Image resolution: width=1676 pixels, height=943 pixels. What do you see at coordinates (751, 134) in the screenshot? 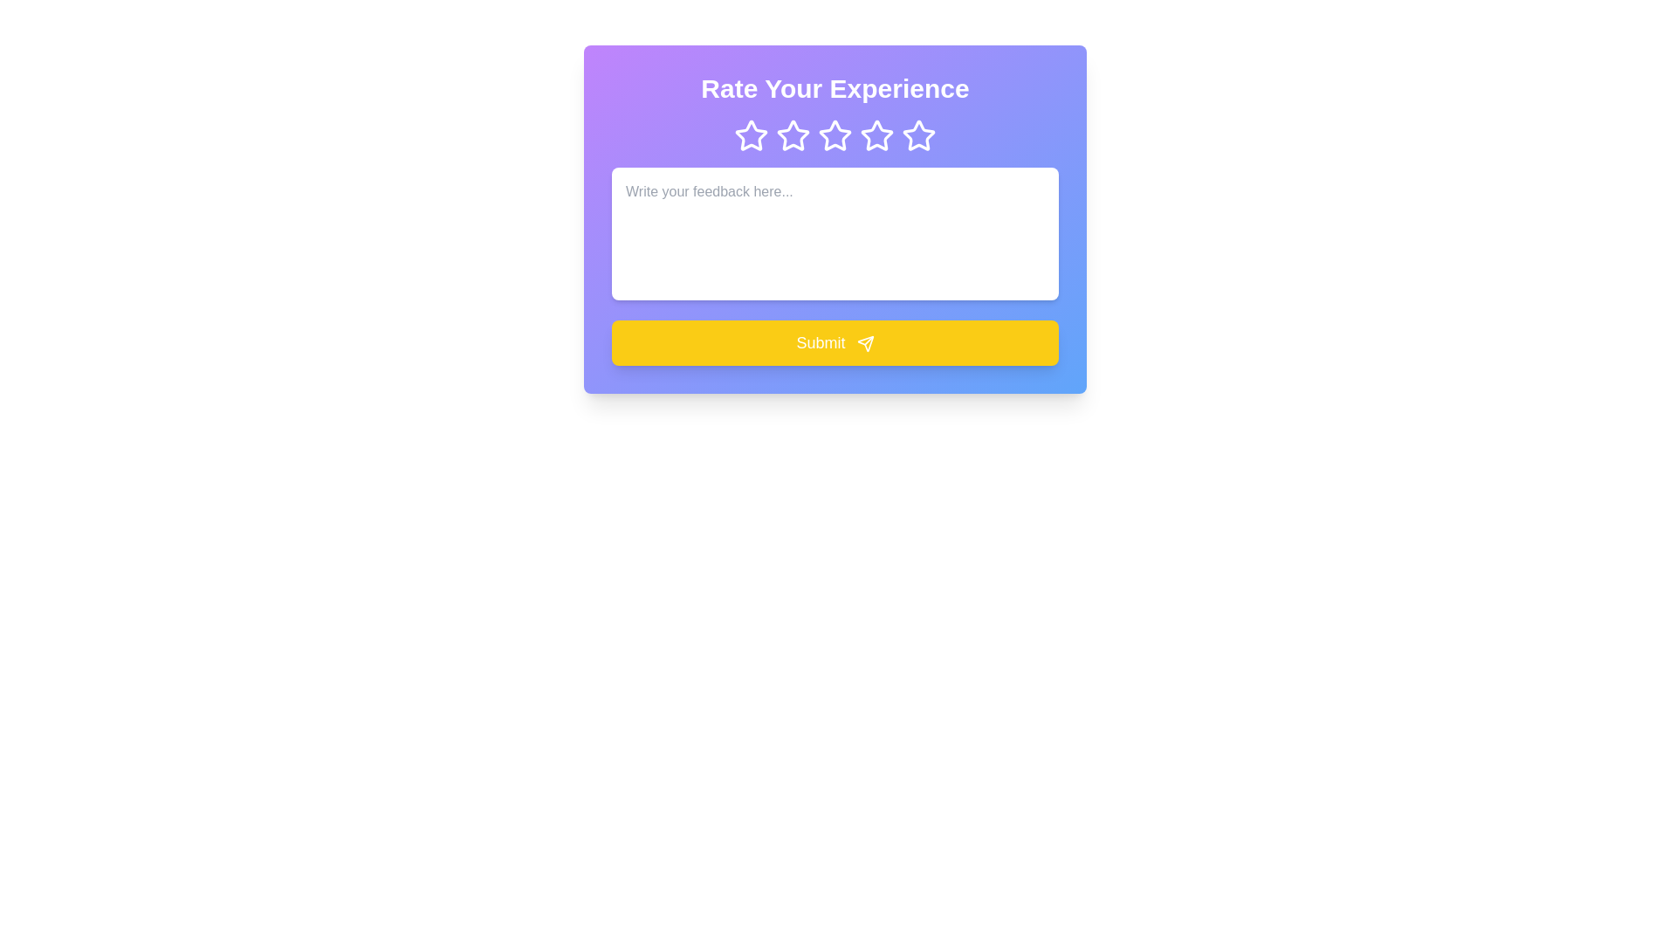
I see `the first star icon in the rating system` at bounding box center [751, 134].